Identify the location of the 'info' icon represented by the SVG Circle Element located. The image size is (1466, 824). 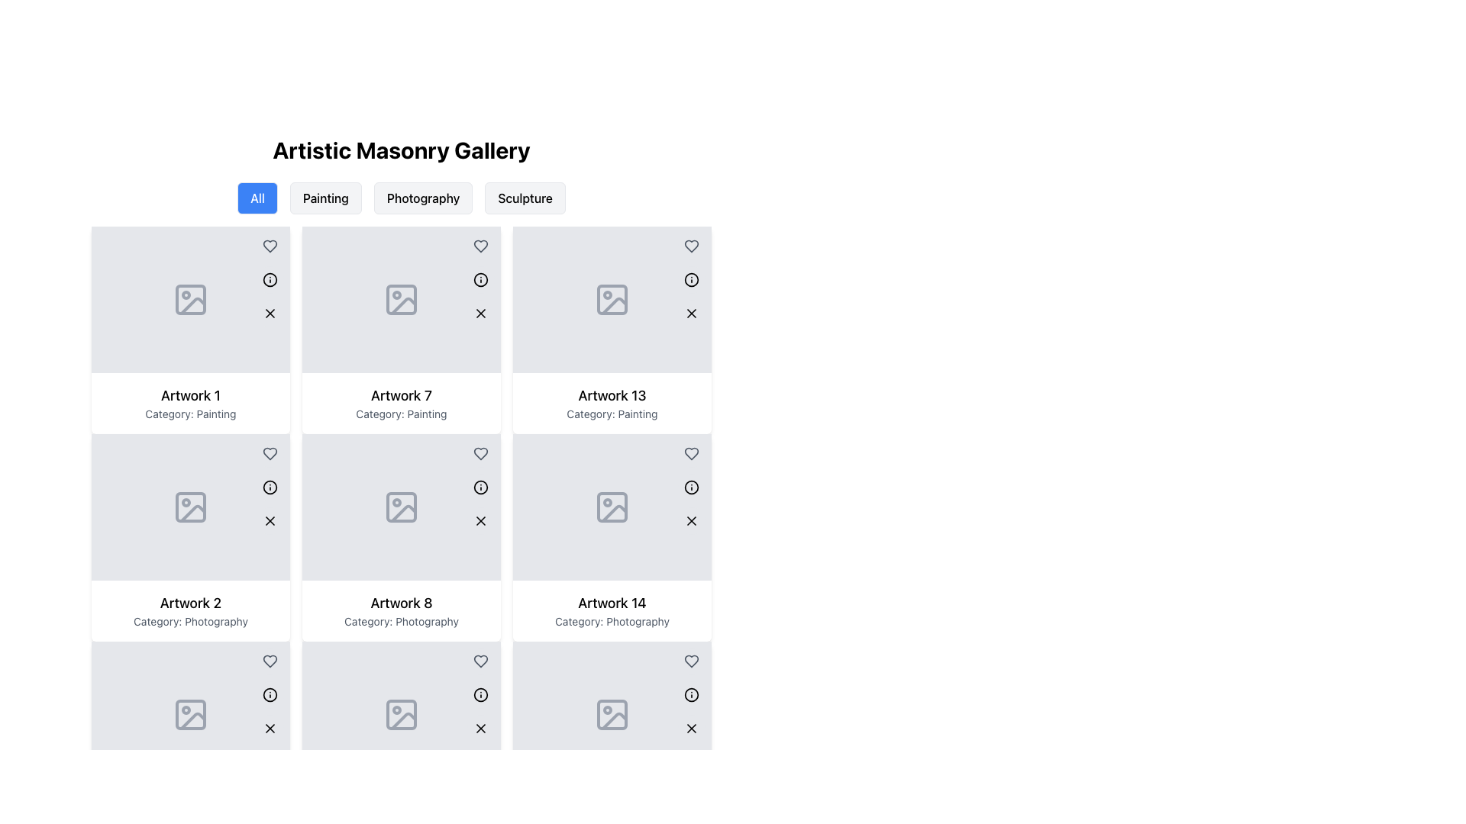
(691, 694).